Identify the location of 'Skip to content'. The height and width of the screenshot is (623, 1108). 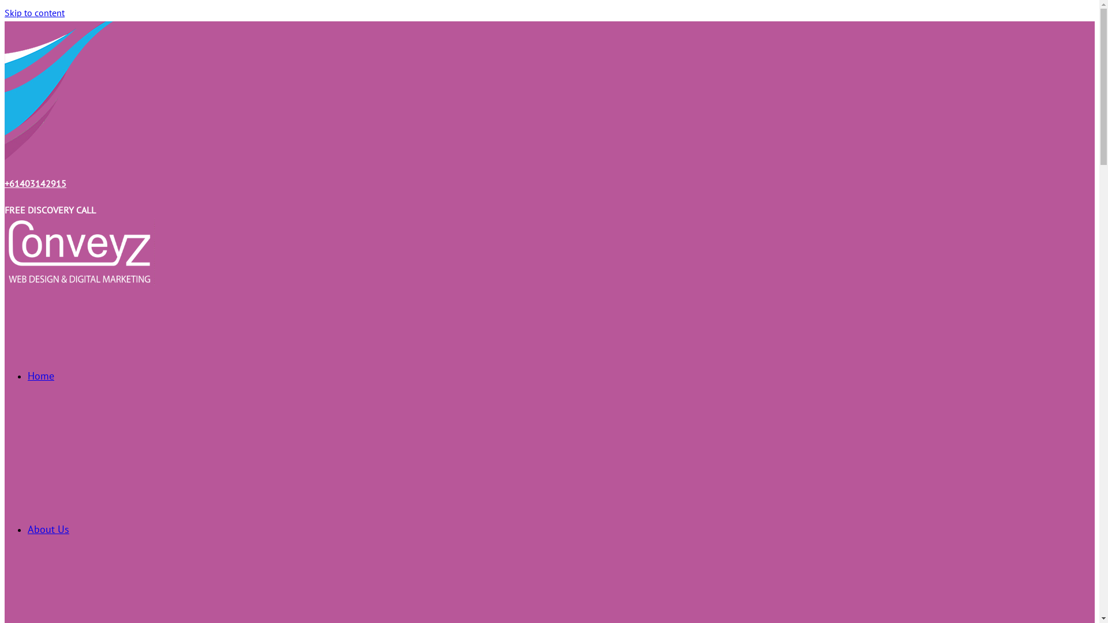
(34, 13).